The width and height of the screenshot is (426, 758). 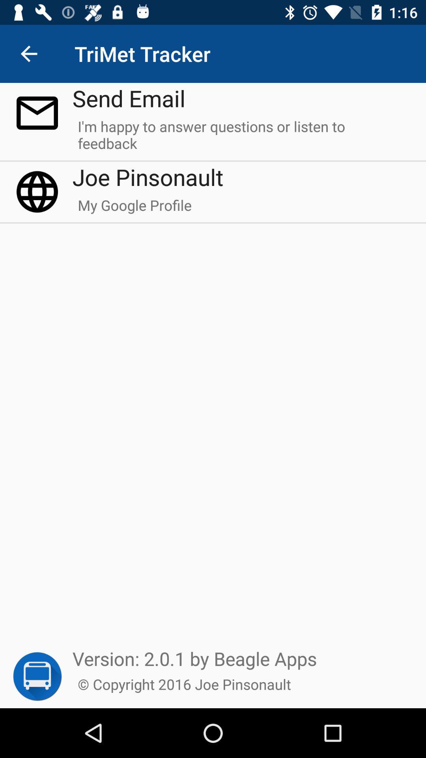 I want to click on the i m happy, so click(x=241, y=138).